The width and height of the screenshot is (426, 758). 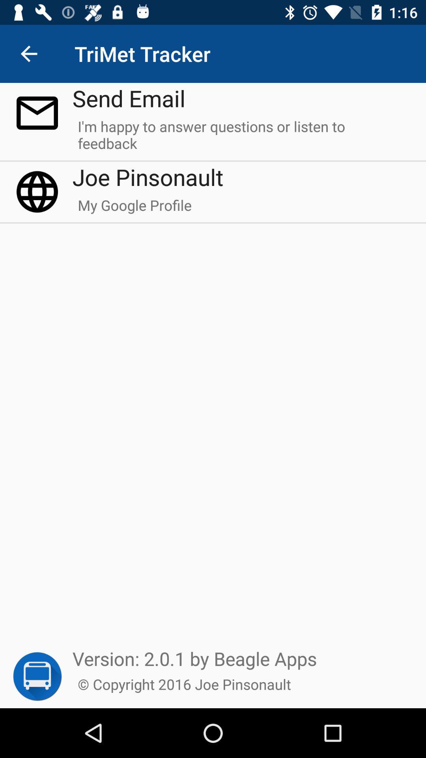 I want to click on the i m happy, so click(x=241, y=138).